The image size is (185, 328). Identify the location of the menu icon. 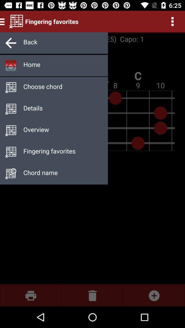
(3, 21).